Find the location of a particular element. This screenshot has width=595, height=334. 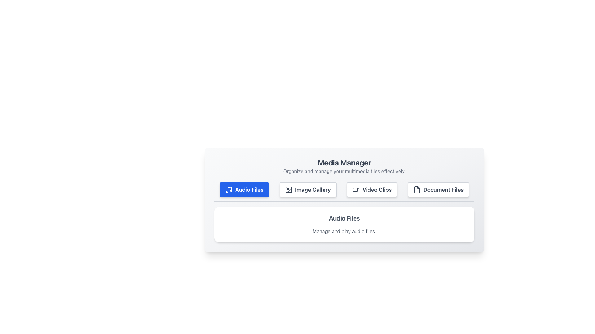

the stylized photo frame icon with a mountain and sun, which is located to the left of the 'Image Gallery' button text in the central panel is located at coordinates (289, 189).